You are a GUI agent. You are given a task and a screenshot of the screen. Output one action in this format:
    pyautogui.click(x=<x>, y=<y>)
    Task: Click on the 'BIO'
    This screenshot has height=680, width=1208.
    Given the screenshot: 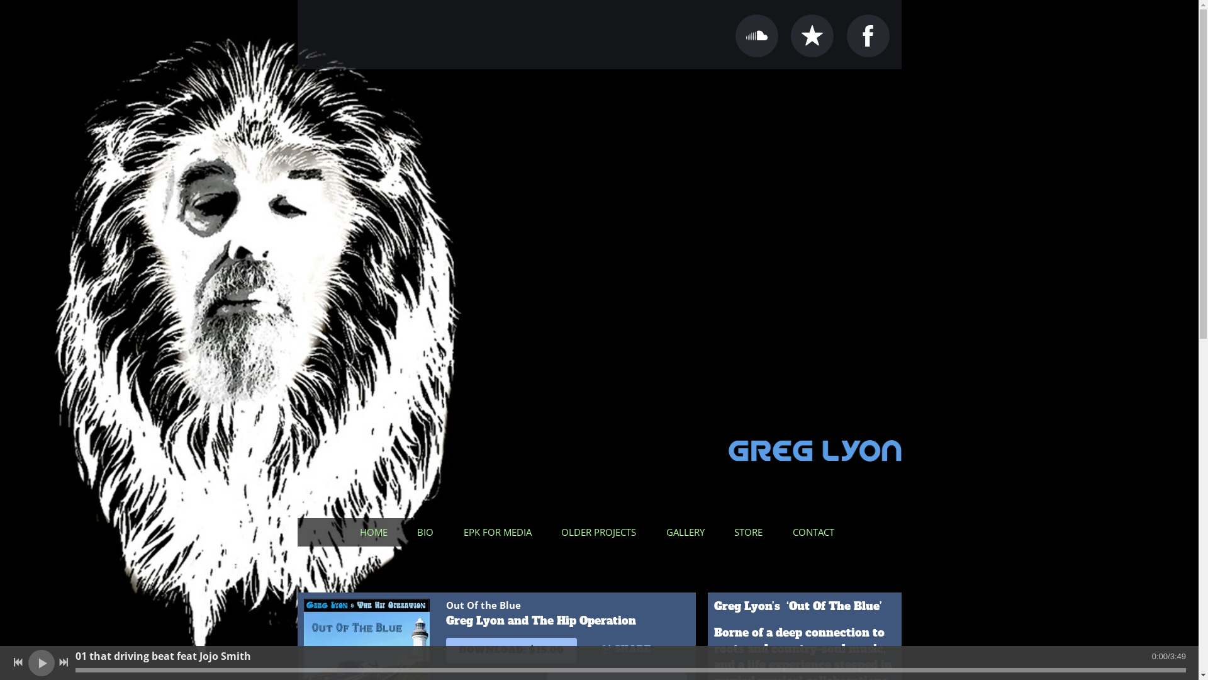 What is the action you would take?
    pyautogui.click(x=428, y=532)
    